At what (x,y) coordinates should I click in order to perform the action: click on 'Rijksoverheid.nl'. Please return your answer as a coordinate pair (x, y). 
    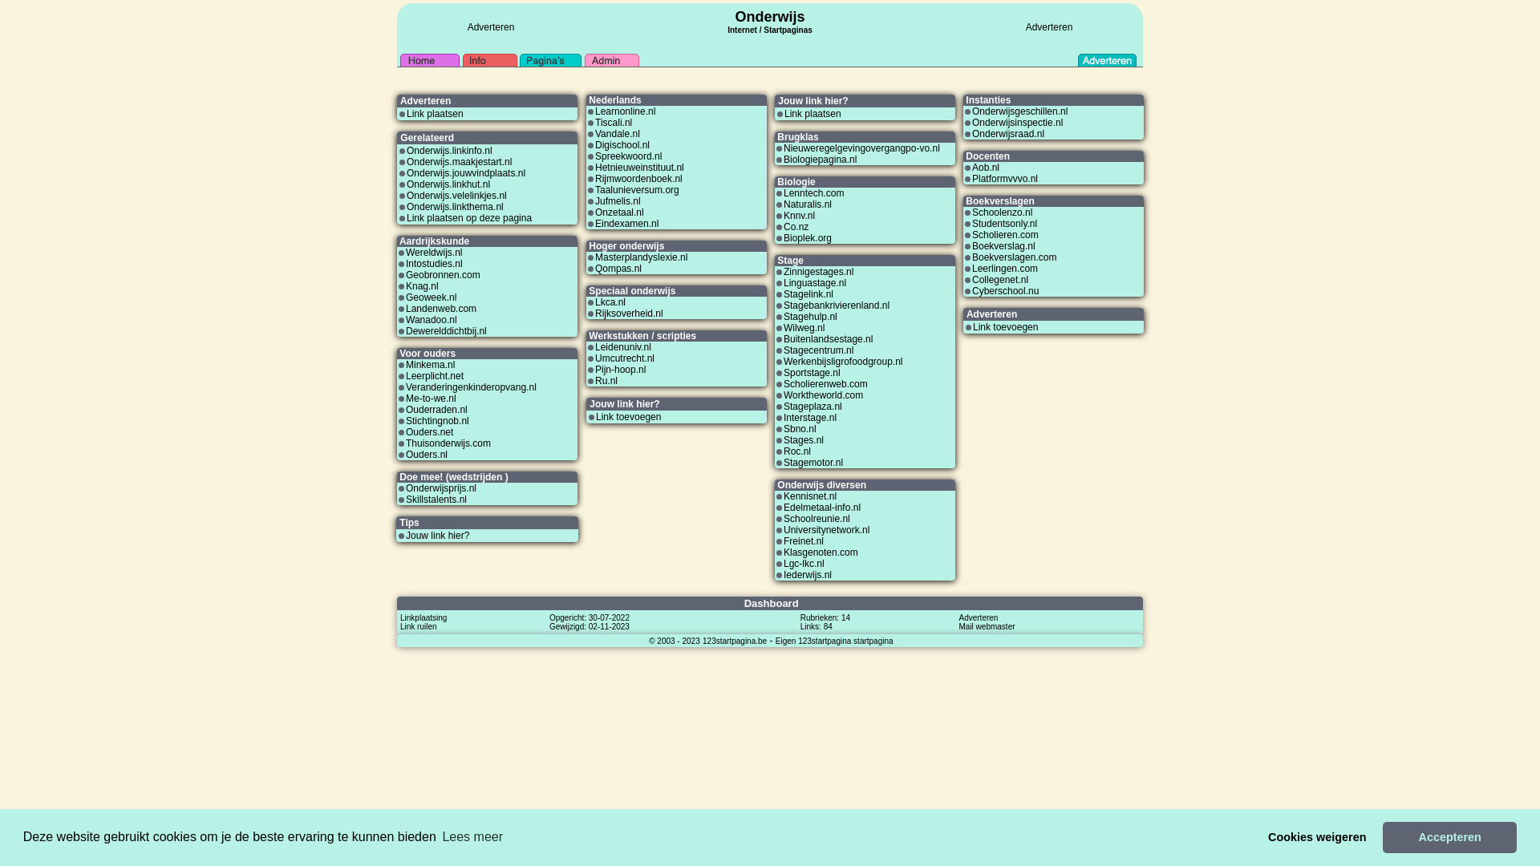
    Looking at the image, I should click on (628, 313).